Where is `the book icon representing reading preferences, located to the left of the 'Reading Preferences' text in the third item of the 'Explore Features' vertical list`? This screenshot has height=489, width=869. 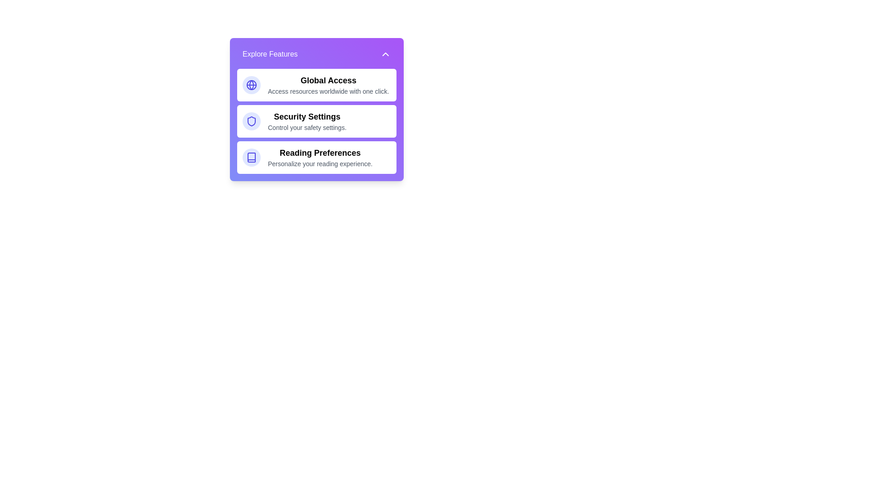 the book icon representing reading preferences, located to the left of the 'Reading Preferences' text in the third item of the 'Explore Features' vertical list is located at coordinates (252, 157).